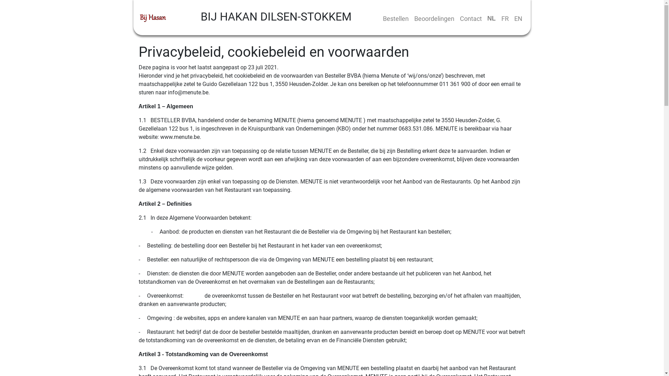  I want to click on 'Contact', so click(457, 18).